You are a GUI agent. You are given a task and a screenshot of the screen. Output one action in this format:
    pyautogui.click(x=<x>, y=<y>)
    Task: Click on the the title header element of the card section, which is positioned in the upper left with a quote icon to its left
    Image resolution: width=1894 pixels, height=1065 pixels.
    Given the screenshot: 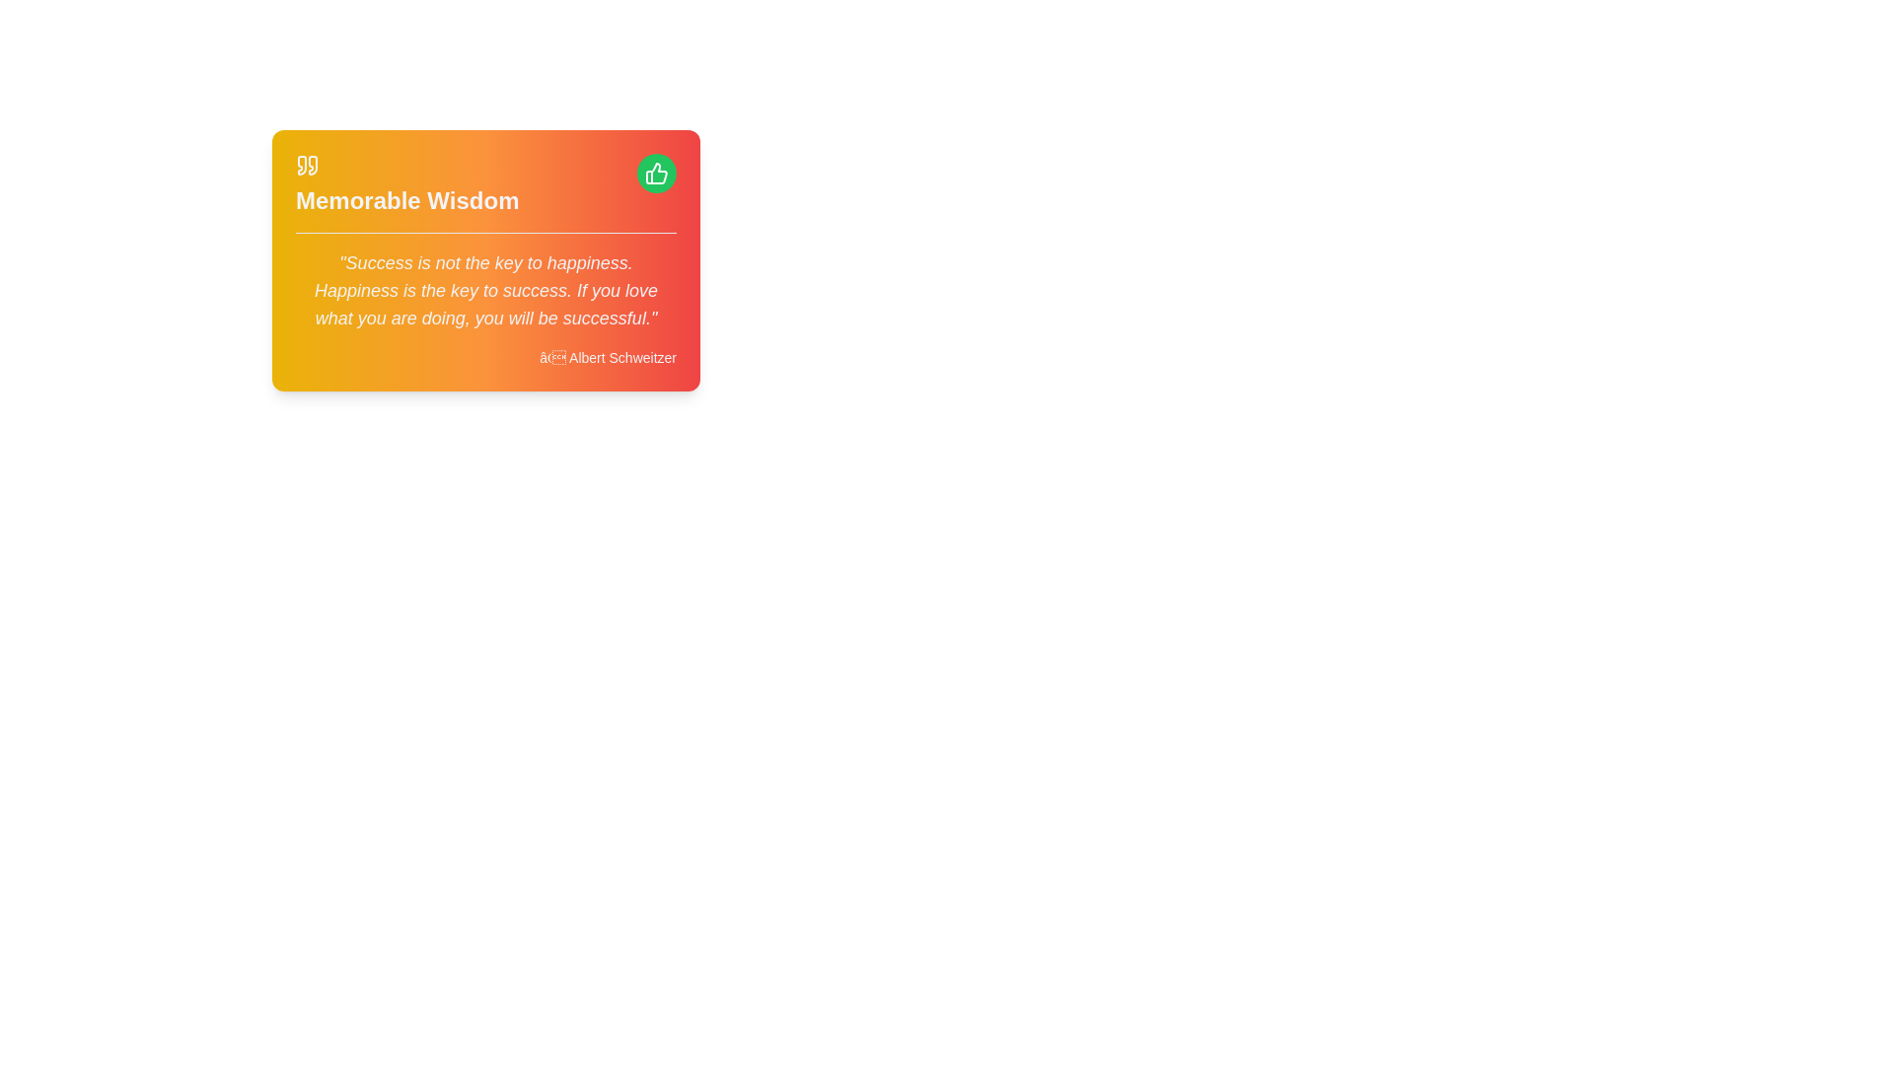 What is the action you would take?
    pyautogui.click(x=406, y=185)
    